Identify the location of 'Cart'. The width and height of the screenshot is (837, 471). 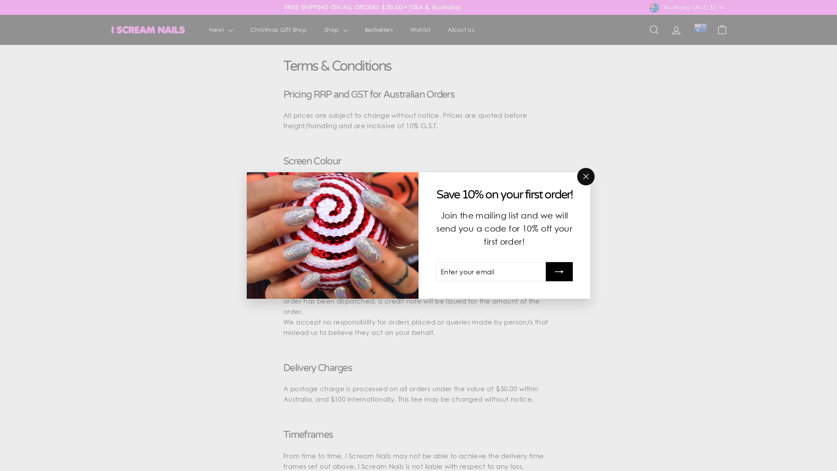
(722, 29).